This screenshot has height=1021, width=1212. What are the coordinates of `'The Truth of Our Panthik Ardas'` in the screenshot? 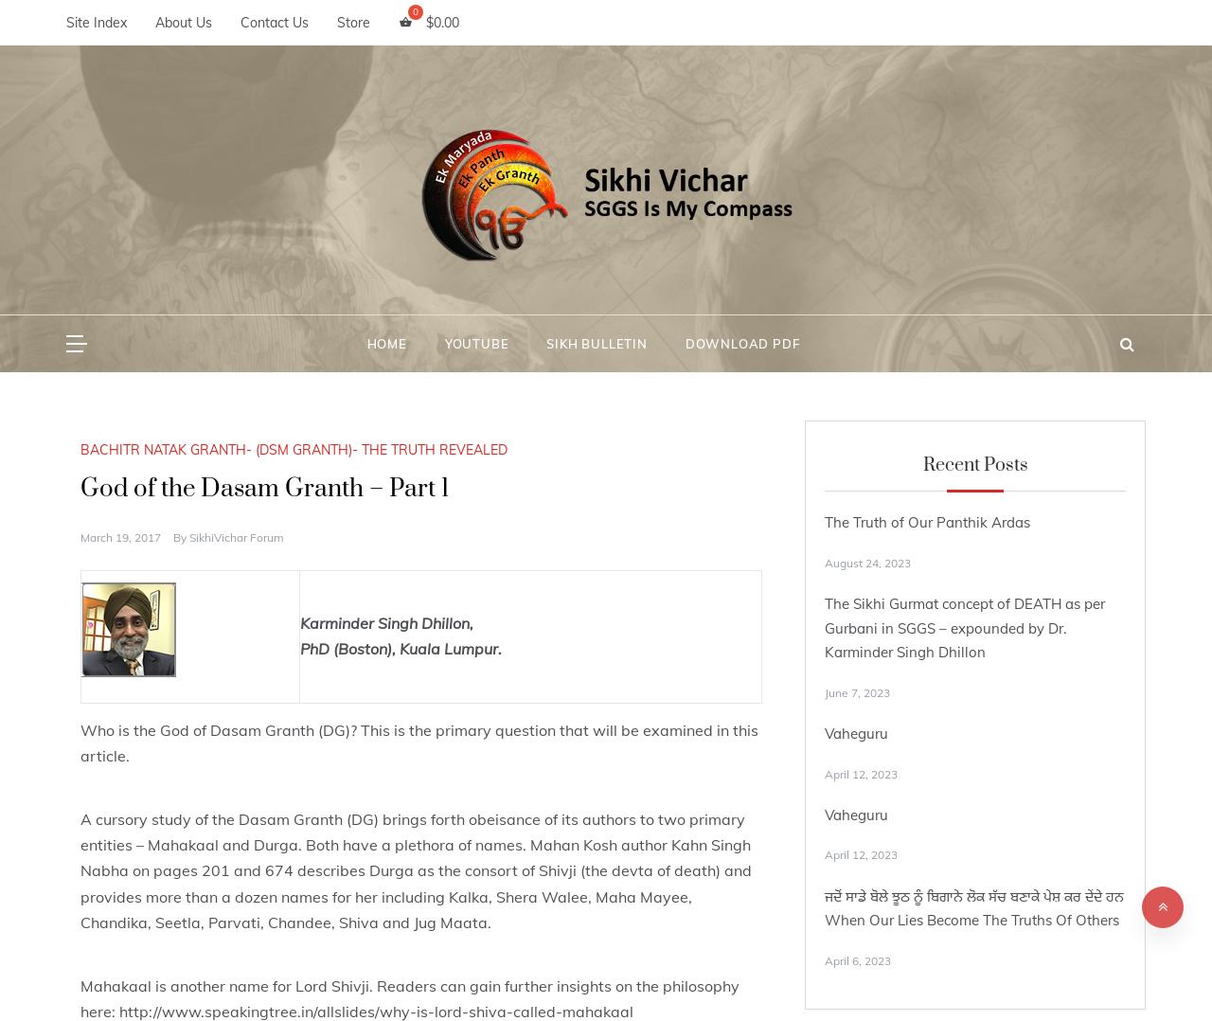 It's located at (927, 521).